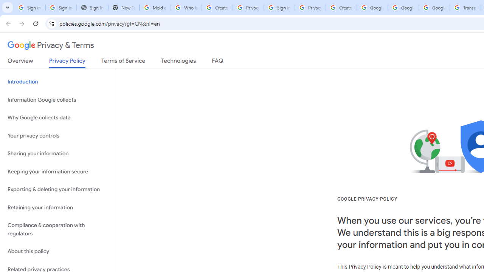 This screenshot has height=272, width=484. I want to click on 'Your privacy controls', so click(57, 135).